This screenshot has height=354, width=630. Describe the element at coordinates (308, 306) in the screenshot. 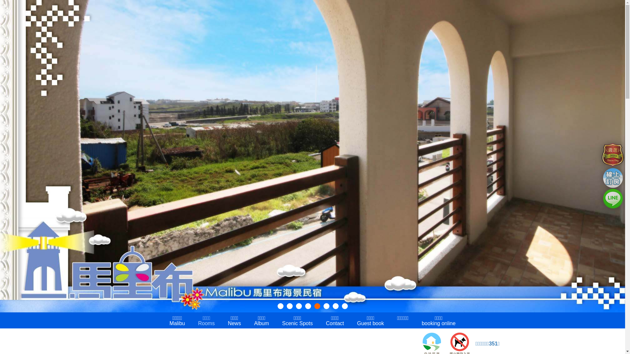

I see `'4'` at that location.